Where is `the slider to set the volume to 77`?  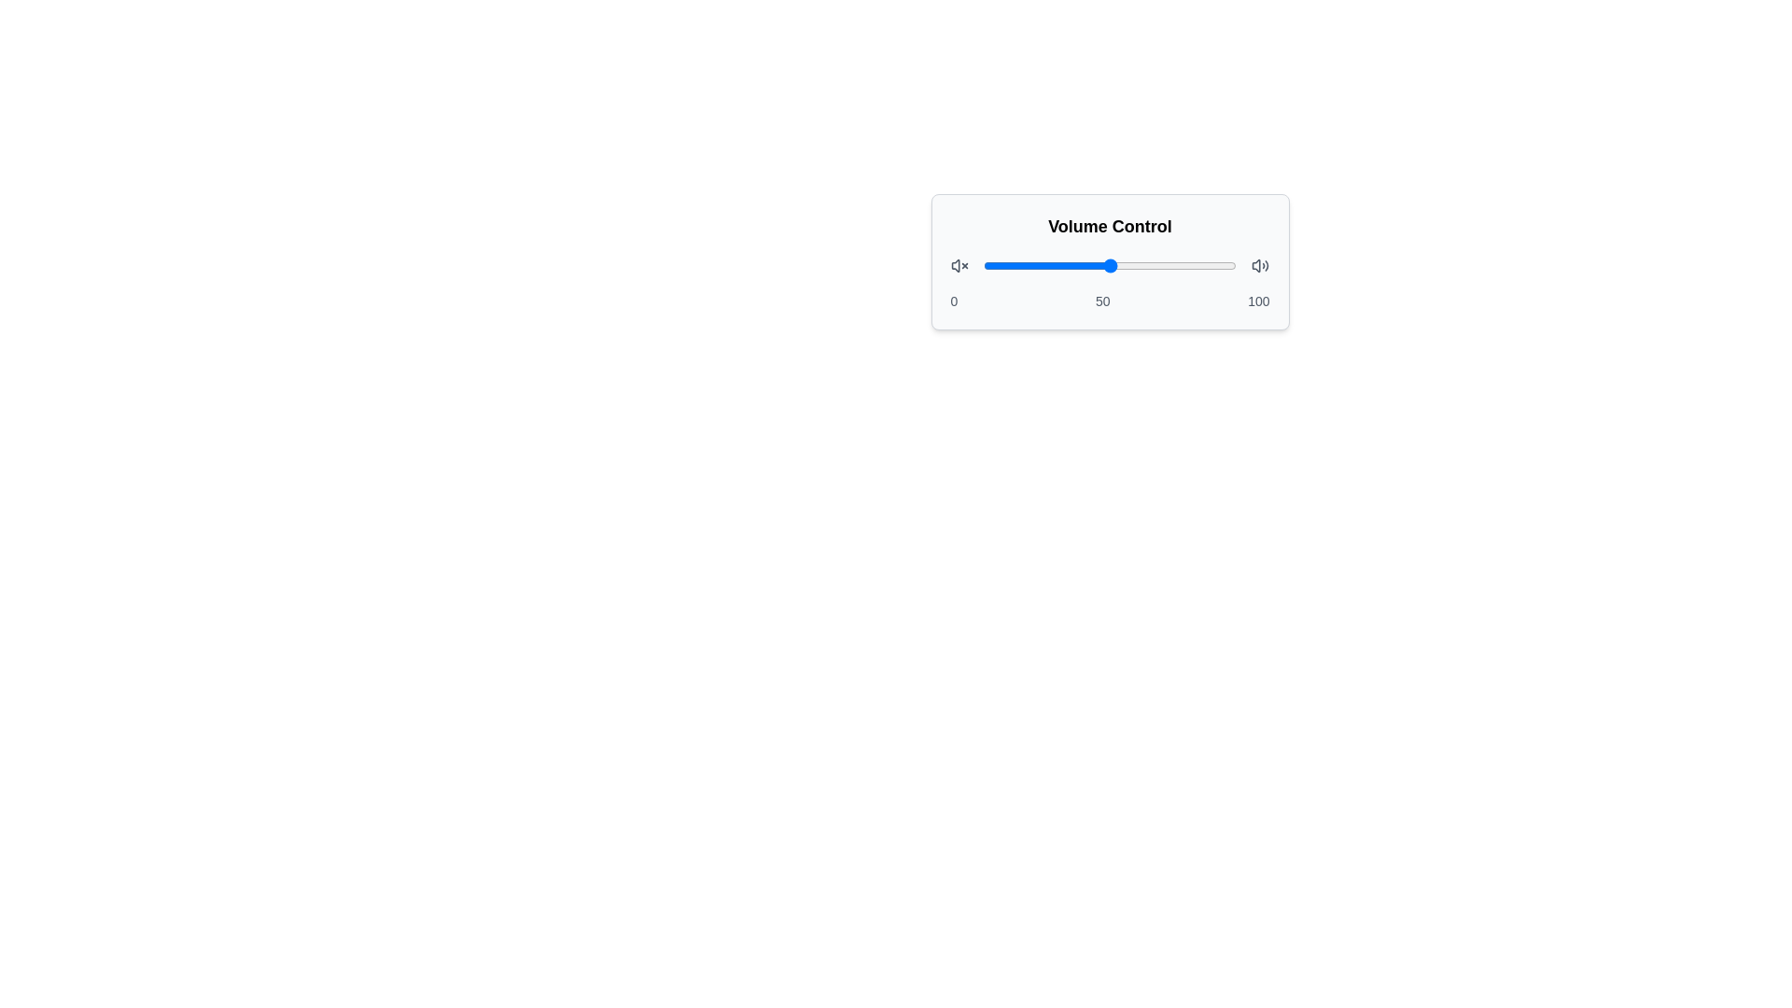
the slider to set the volume to 77 is located at coordinates (1177, 266).